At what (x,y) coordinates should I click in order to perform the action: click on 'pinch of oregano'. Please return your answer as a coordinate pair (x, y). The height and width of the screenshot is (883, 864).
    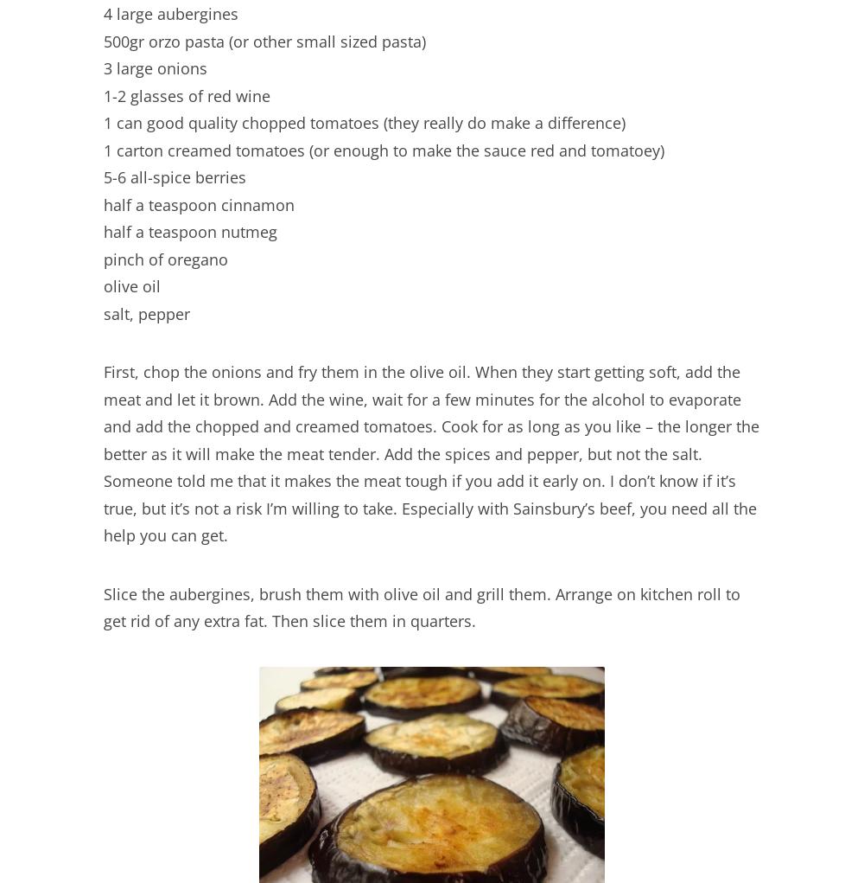
    Looking at the image, I should click on (165, 259).